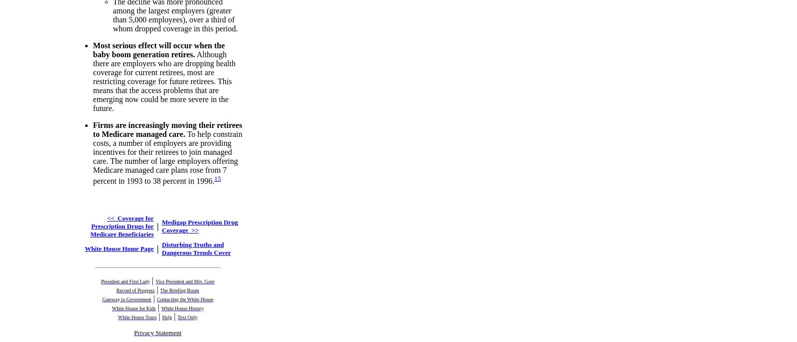 The width and height of the screenshot is (797, 342). I want to click on 'White House History', so click(182, 307).